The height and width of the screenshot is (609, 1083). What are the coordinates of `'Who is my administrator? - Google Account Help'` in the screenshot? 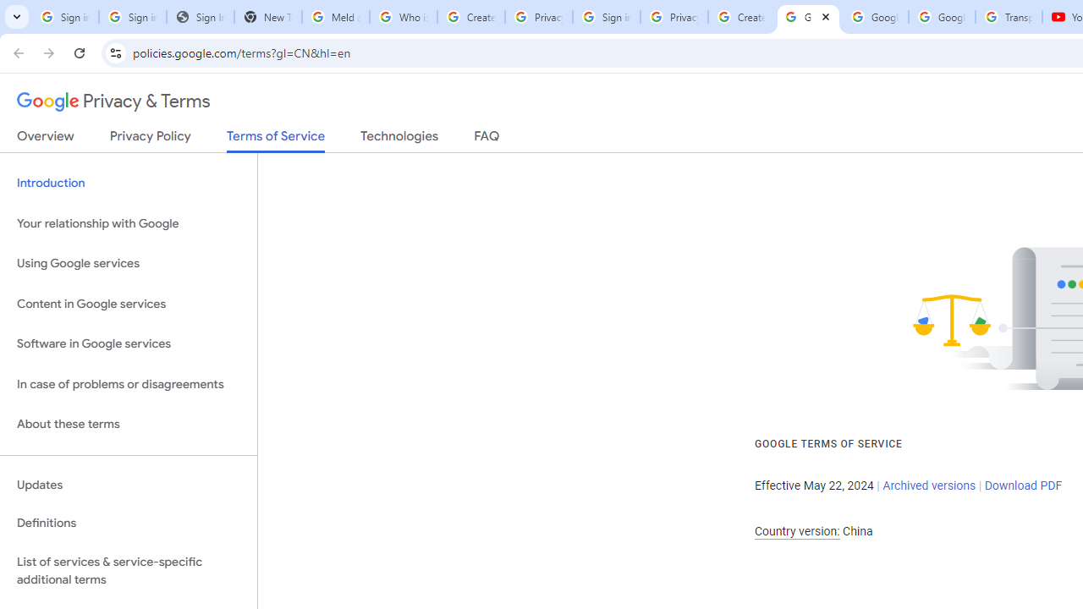 It's located at (402, 17).